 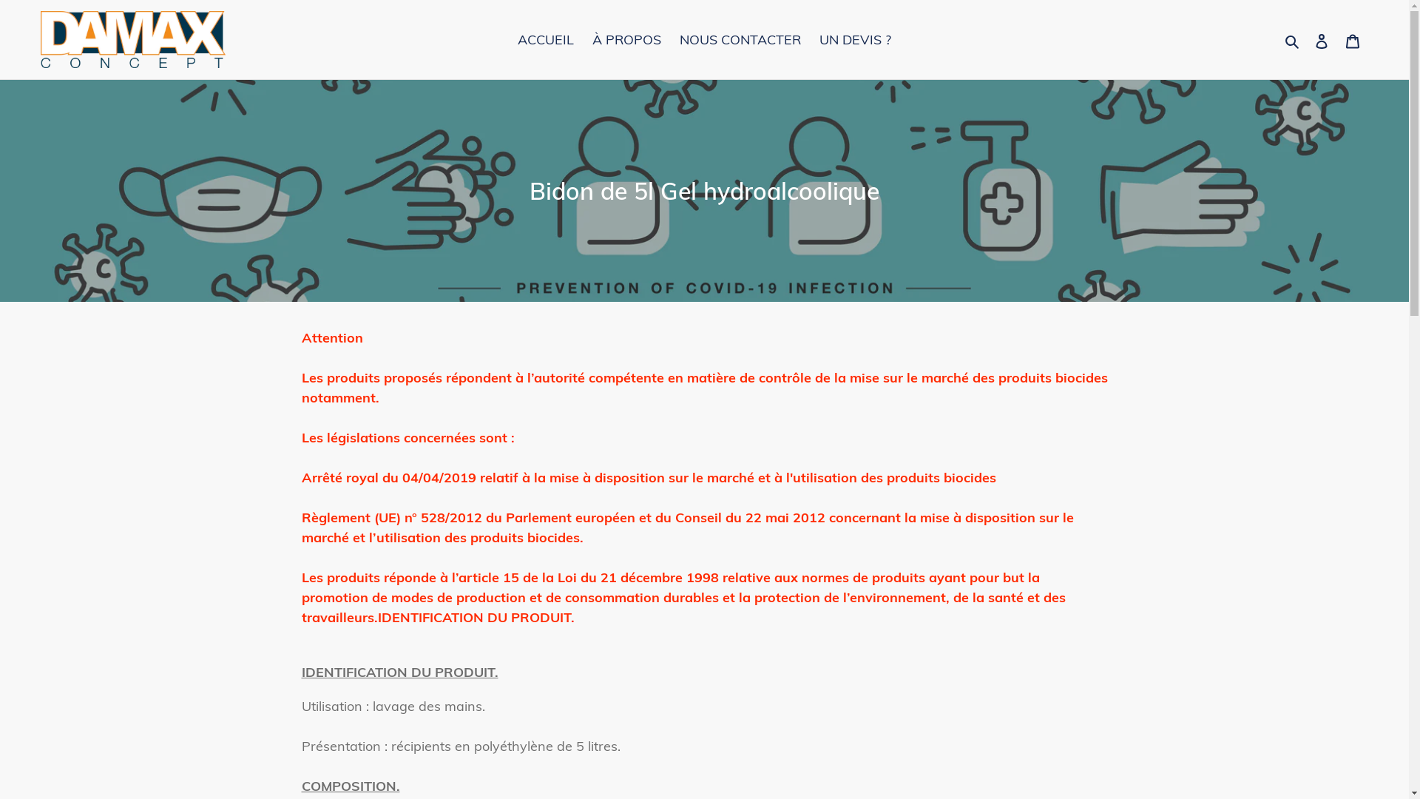 I want to click on 'Rechercher', so click(x=1292, y=38).